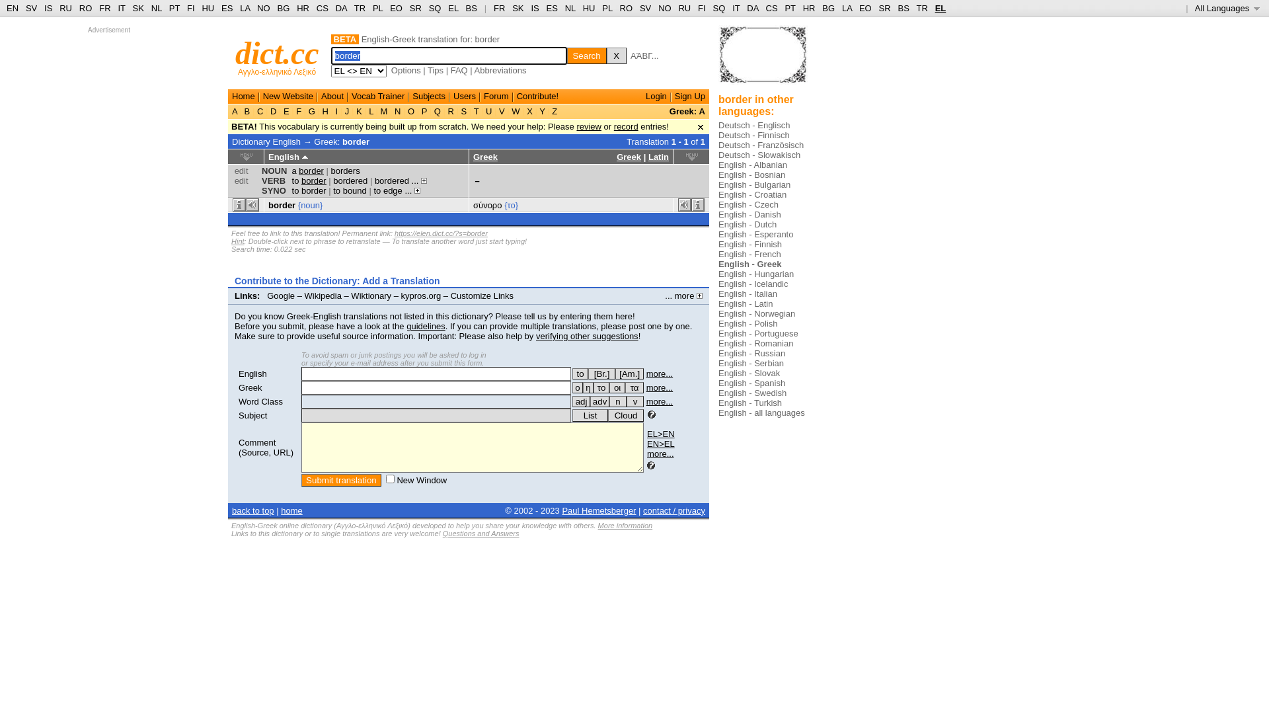 The height and width of the screenshot is (714, 1269). Describe the element at coordinates (459, 70) in the screenshot. I see `'FAQ'` at that location.